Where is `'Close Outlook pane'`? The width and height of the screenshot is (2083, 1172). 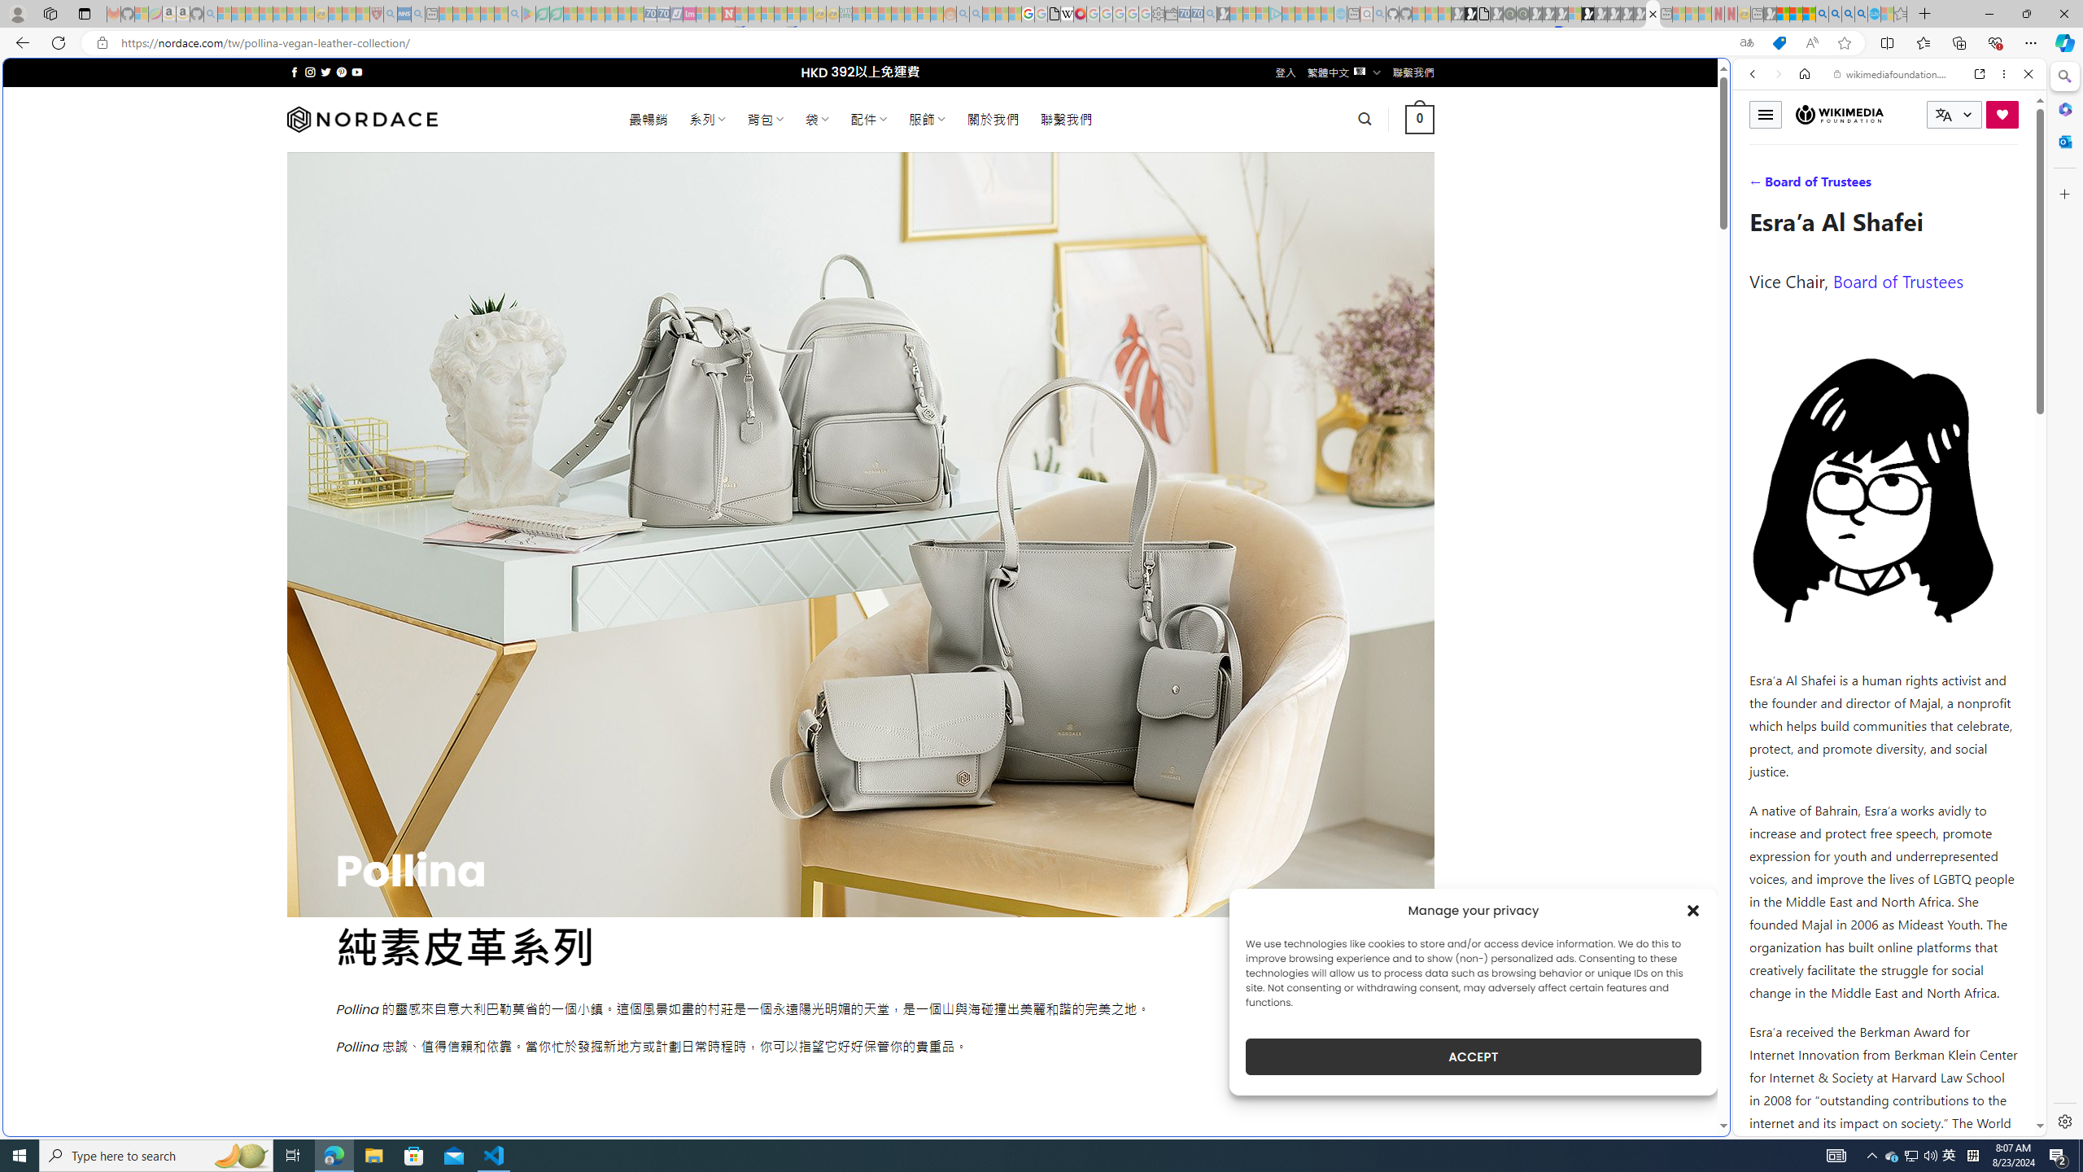
'Close Outlook pane' is located at coordinates (2063, 140).